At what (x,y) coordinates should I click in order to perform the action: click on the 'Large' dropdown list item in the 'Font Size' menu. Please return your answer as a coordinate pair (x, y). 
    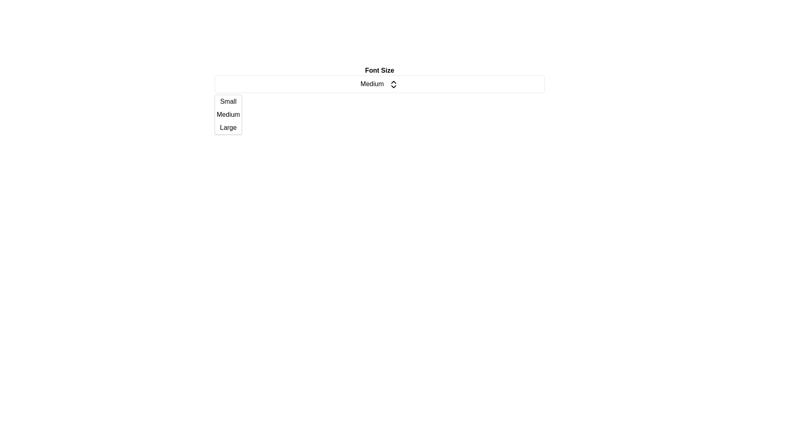
    Looking at the image, I should click on (228, 127).